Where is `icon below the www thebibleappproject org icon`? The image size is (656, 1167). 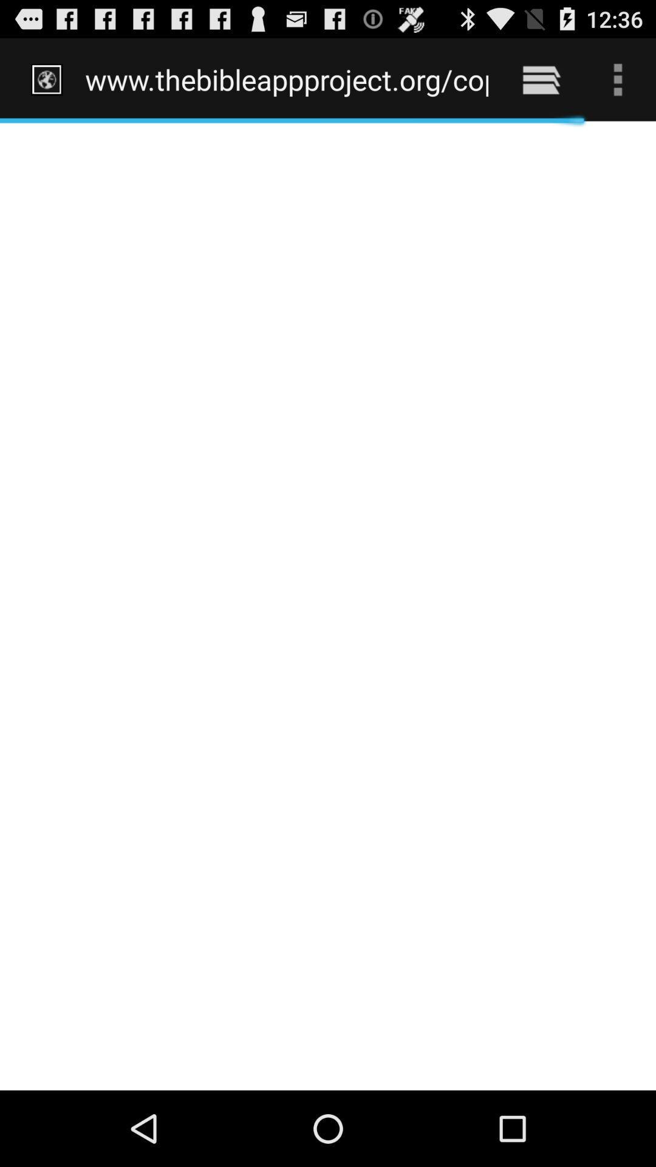
icon below the www thebibleappproject org icon is located at coordinates (328, 605).